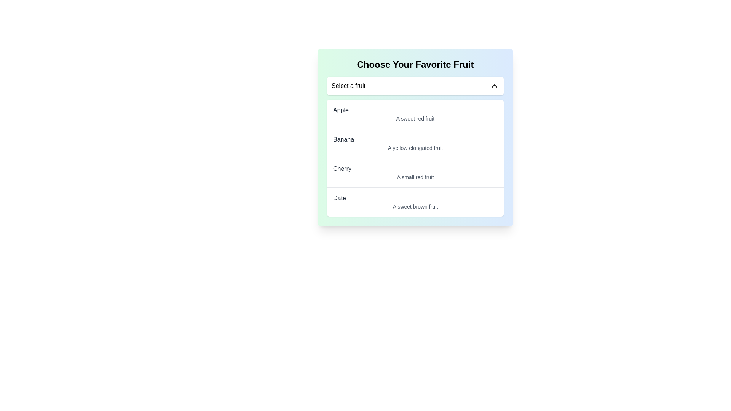 This screenshot has width=731, height=411. What do you see at coordinates (415, 119) in the screenshot?
I see `the informational text label positioned below the text 'Apple' in the dropdown menu, which provides additional information about the item` at bounding box center [415, 119].